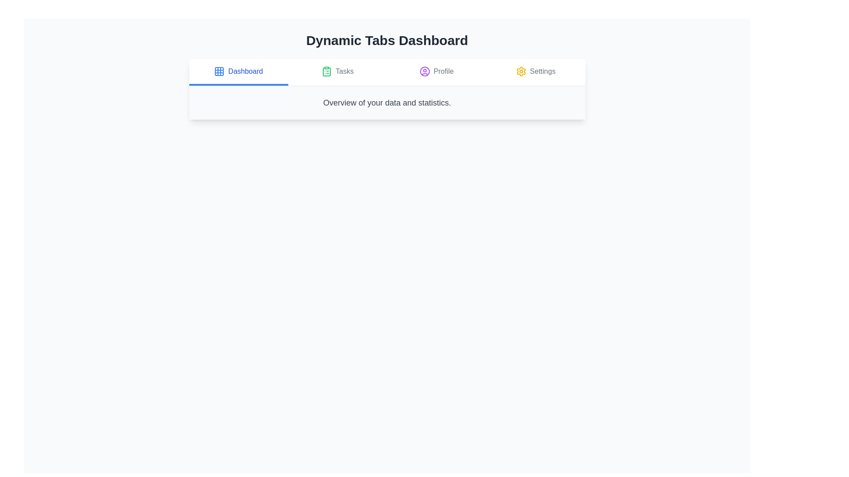  I want to click on the 'Dashboard' tab in the navigation bar, so click(387, 72).